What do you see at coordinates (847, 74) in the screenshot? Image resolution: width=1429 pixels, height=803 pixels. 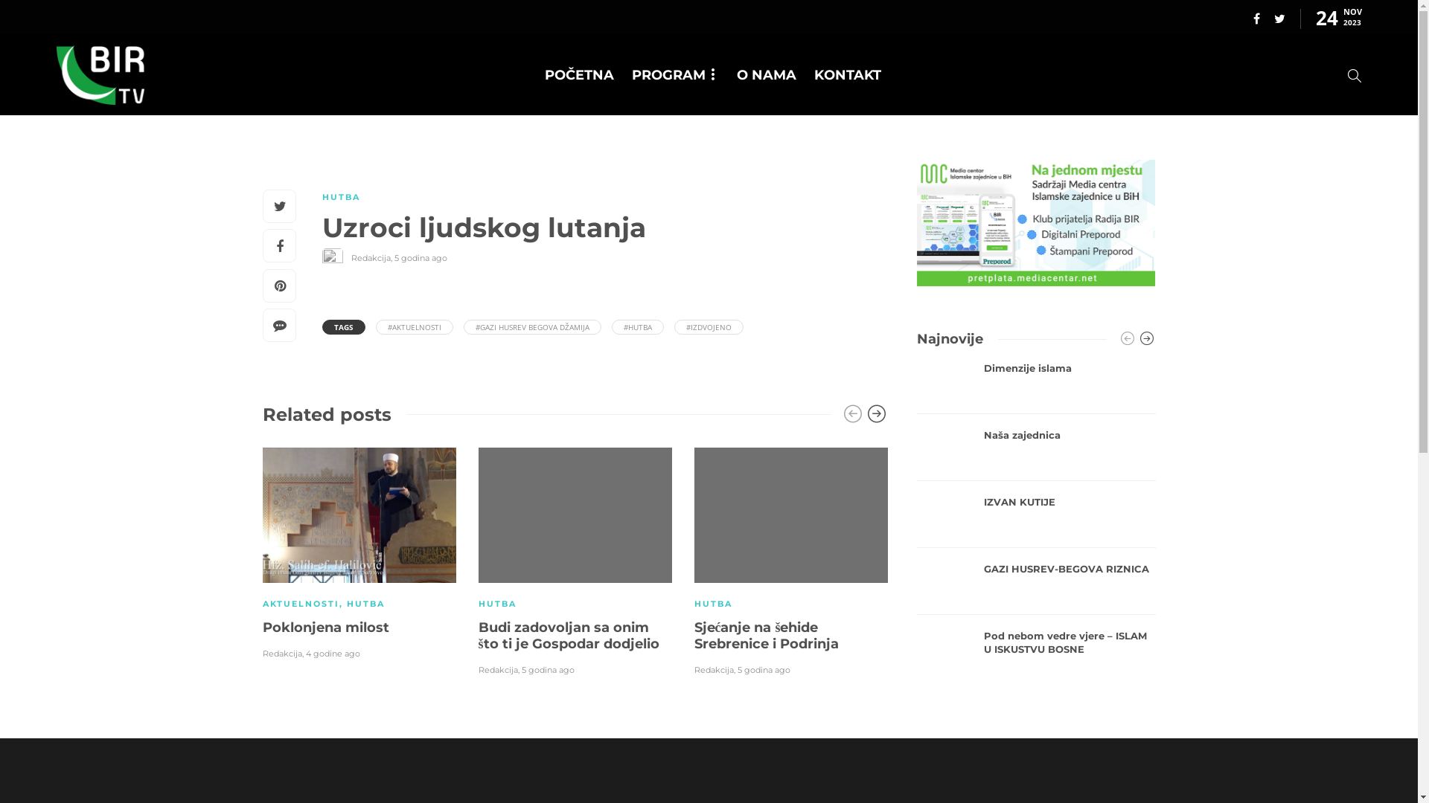 I see `'KONTAKT'` at bounding box center [847, 74].